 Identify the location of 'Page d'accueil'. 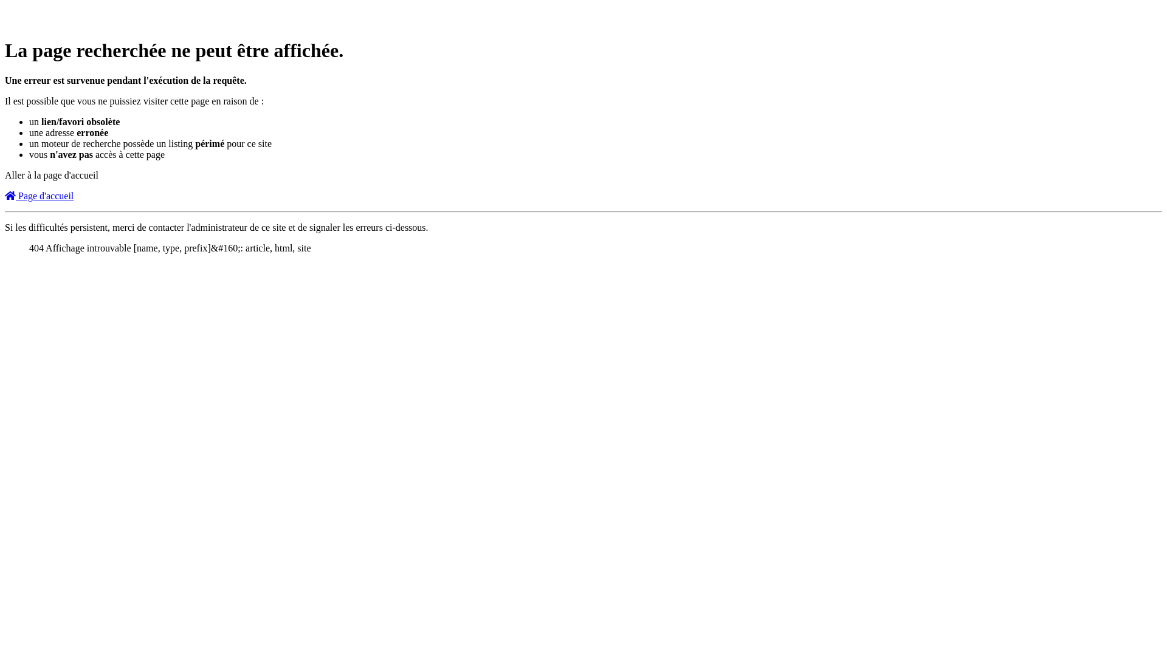
(5, 195).